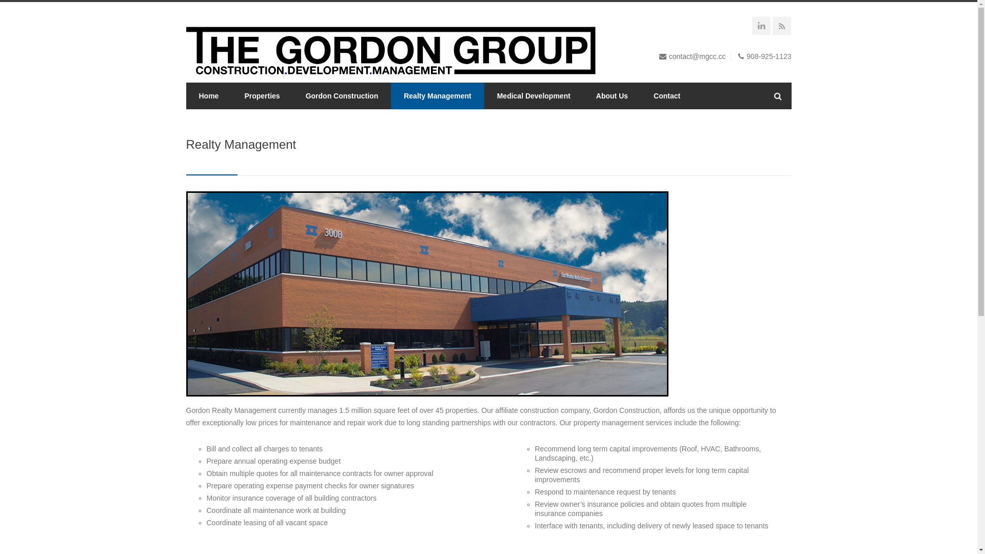 This screenshot has height=554, width=985. What do you see at coordinates (612, 95) in the screenshot?
I see `'About Us'` at bounding box center [612, 95].